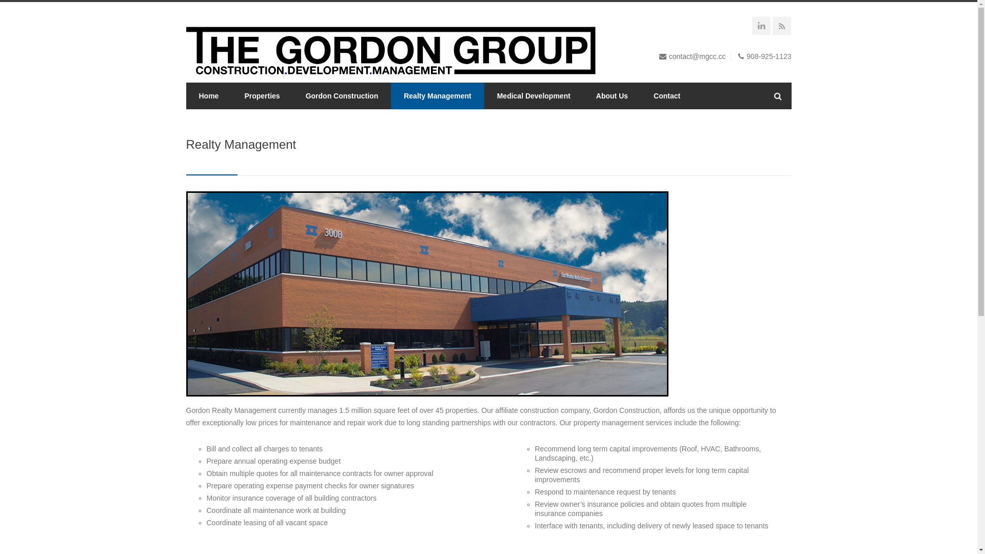 This screenshot has height=554, width=985. What do you see at coordinates (612, 95) in the screenshot?
I see `'About Us'` at bounding box center [612, 95].